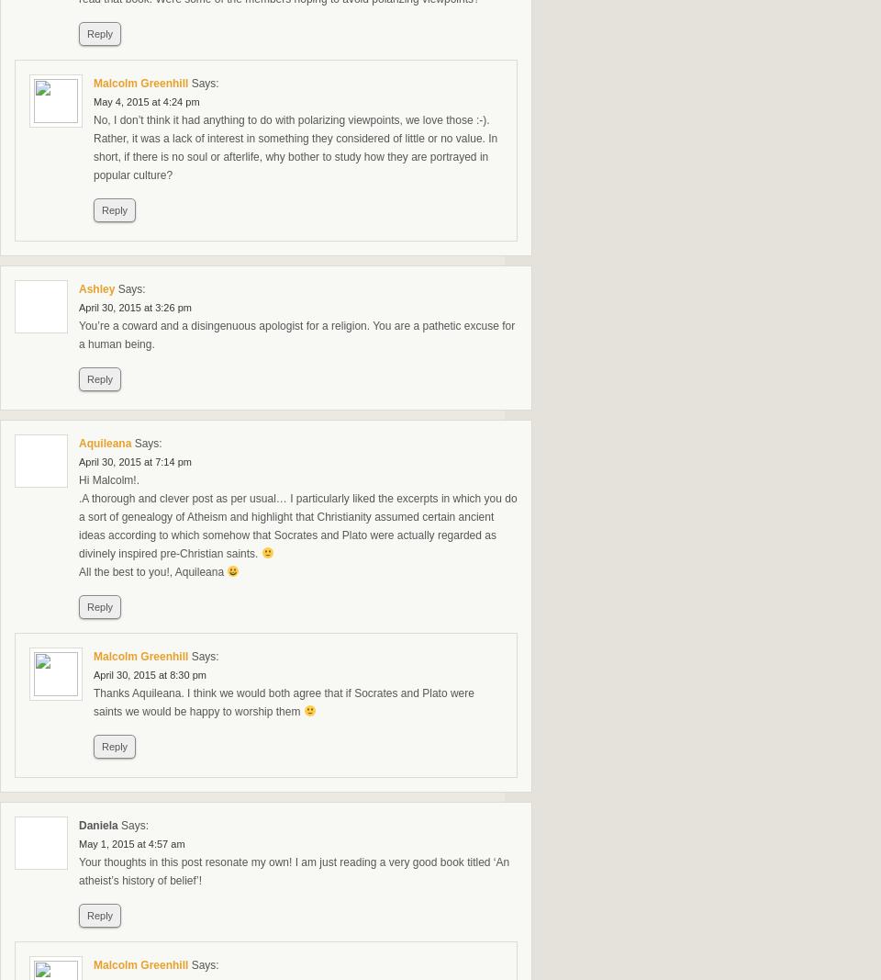 Image resolution: width=881 pixels, height=980 pixels. What do you see at coordinates (296, 334) in the screenshot?
I see `'You’re a coward and a disingenuous apologist for a religion.  You are a pathetic excuse for a human being.'` at bounding box center [296, 334].